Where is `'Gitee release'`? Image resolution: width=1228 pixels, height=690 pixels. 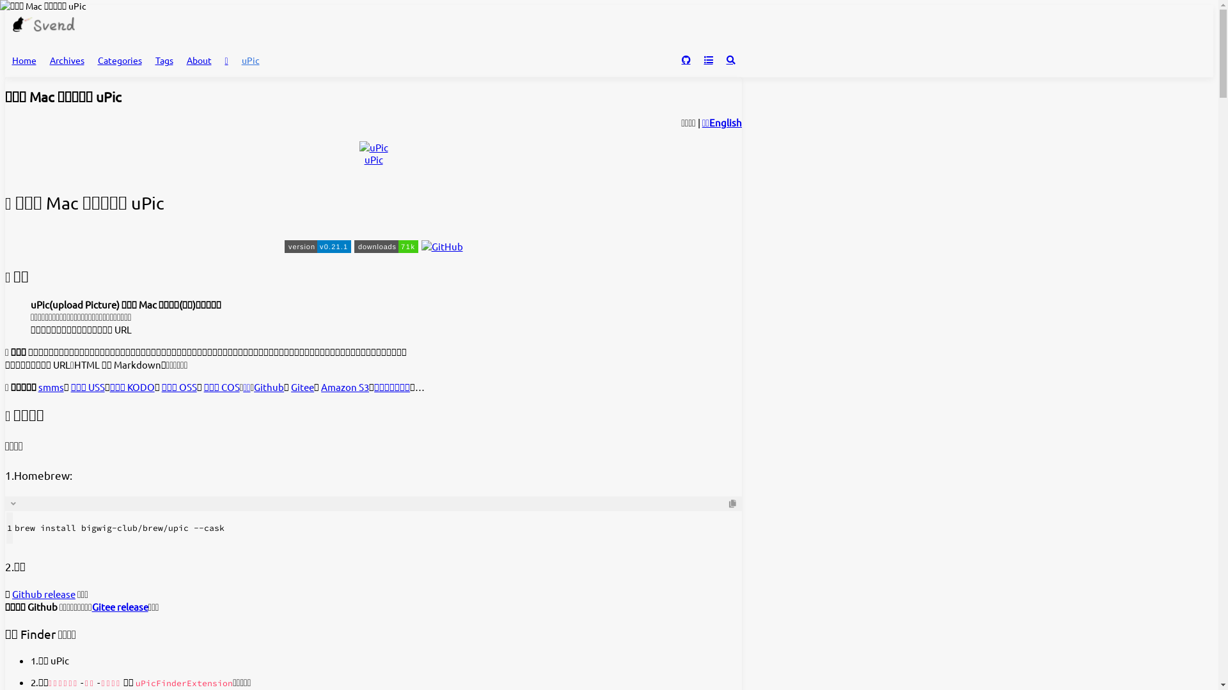 'Gitee release' is located at coordinates (120, 606).